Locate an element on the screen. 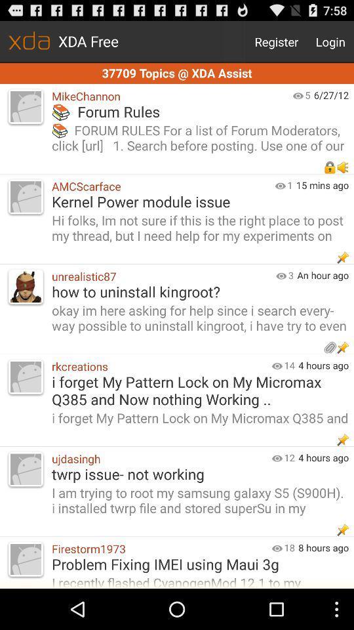 The image size is (354, 630). item next to the login item is located at coordinates (276, 41).